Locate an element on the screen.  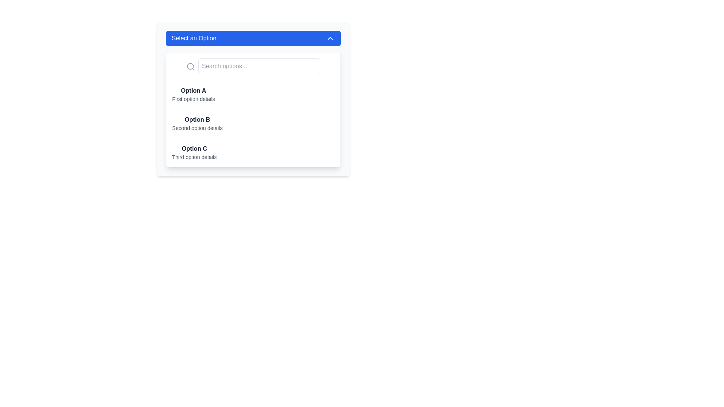
the selectable list item representing 'Option B' in the dropdown menu is located at coordinates (197, 123).